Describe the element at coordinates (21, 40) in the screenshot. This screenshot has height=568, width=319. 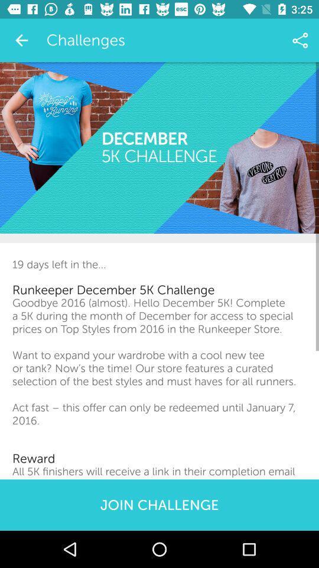
I see `the item to the left of challenges item` at that location.